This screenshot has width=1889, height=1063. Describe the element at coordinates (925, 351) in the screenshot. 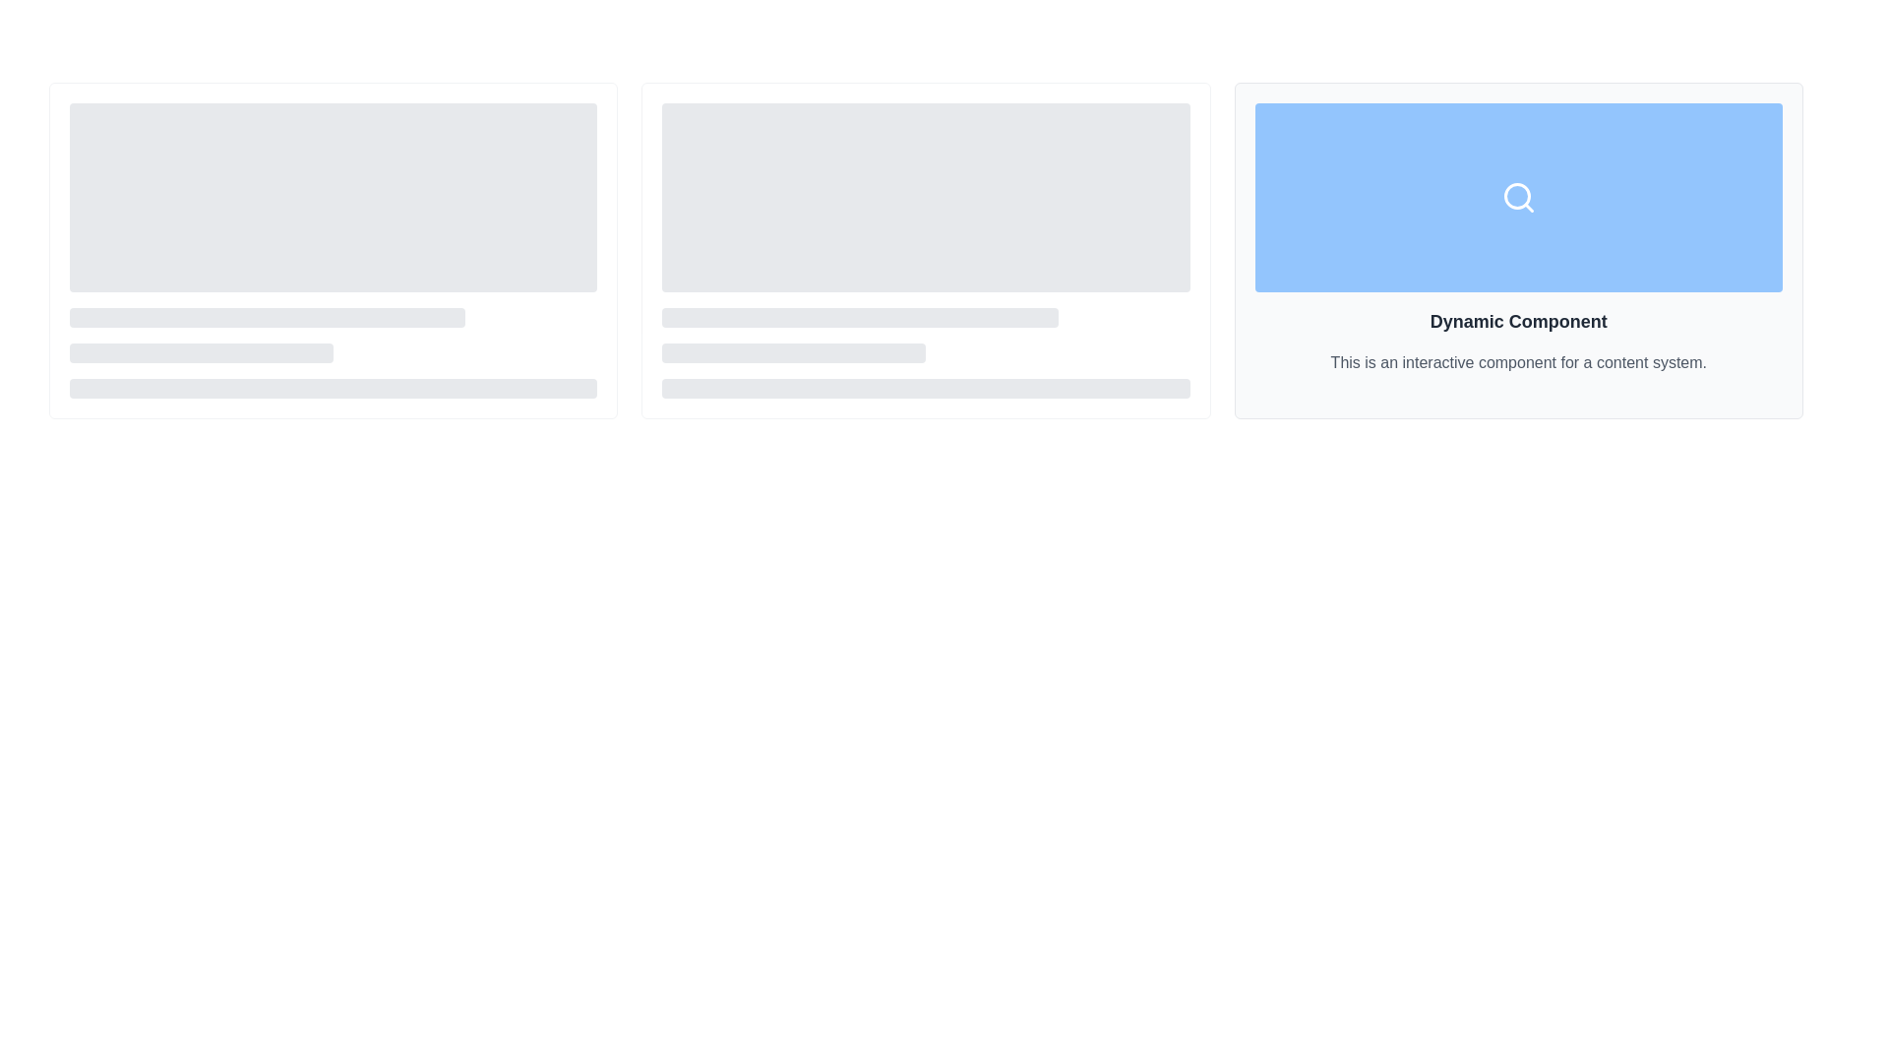

I see `the visual loading skeleton element located at the lower portion of the center card in a three-card layout interface` at that location.